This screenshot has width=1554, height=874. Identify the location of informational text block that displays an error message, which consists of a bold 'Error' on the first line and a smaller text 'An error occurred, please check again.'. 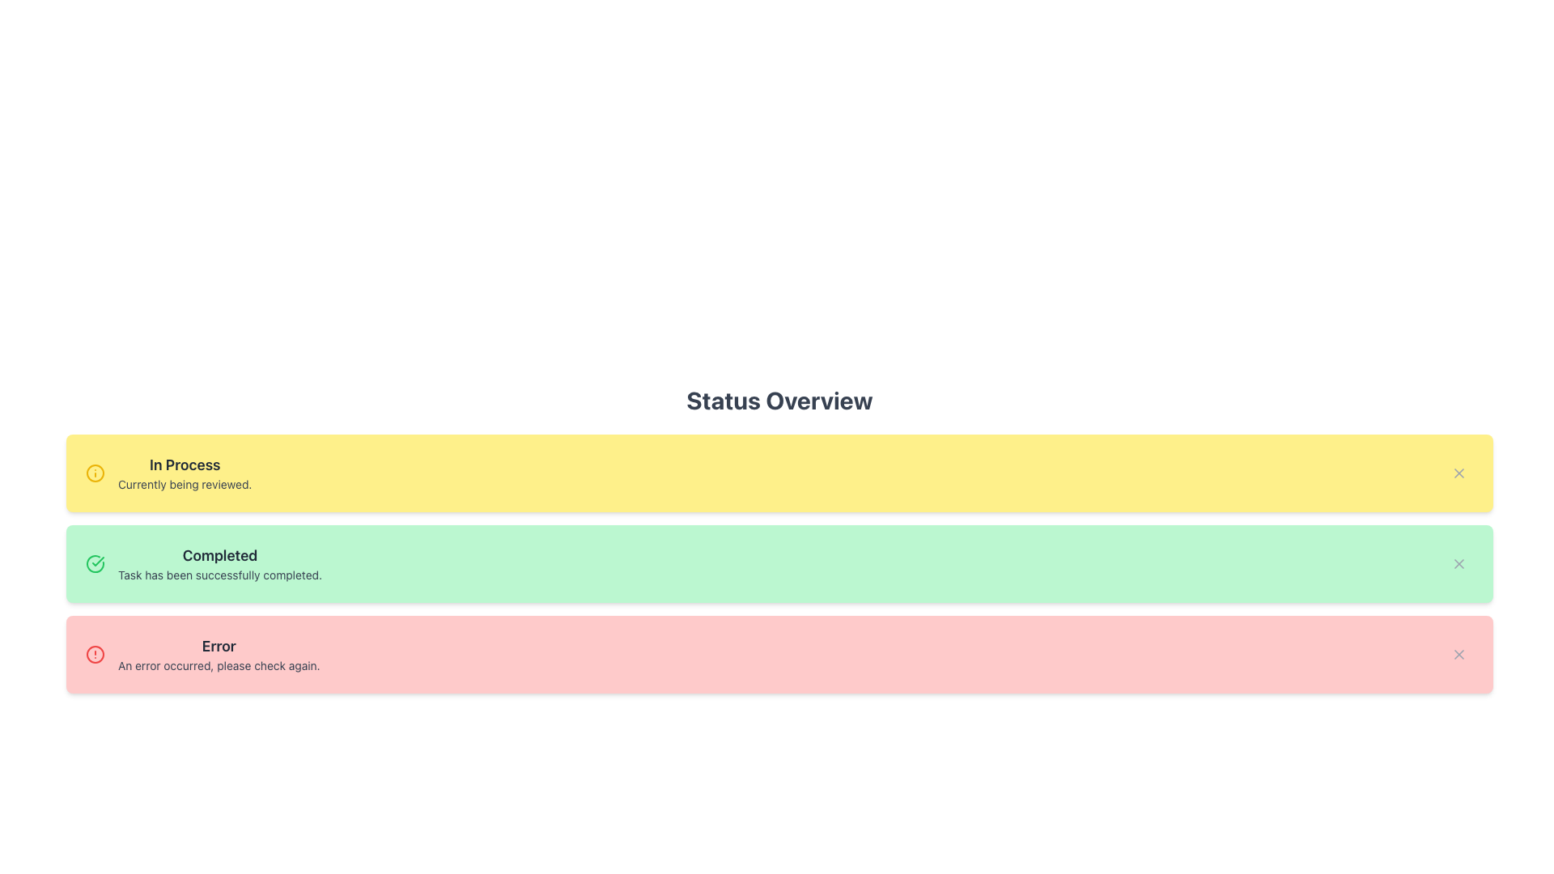
(218, 654).